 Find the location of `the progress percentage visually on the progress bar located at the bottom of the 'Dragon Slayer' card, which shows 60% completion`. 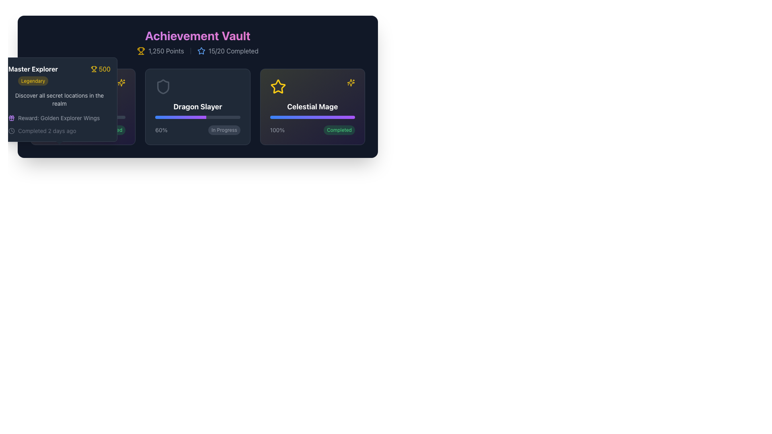

the progress percentage visually on the progress bar located at the bottom of the 'Dragon Slayer' card, which shows 60% completion is located at coordinates (197, 117).